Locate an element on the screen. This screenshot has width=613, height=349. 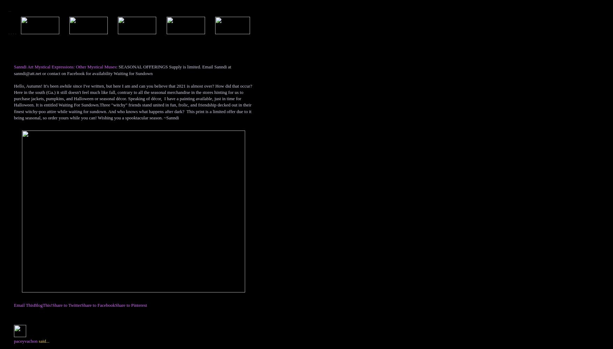
'.     .     .     .' is located at coordinates (8, 32).